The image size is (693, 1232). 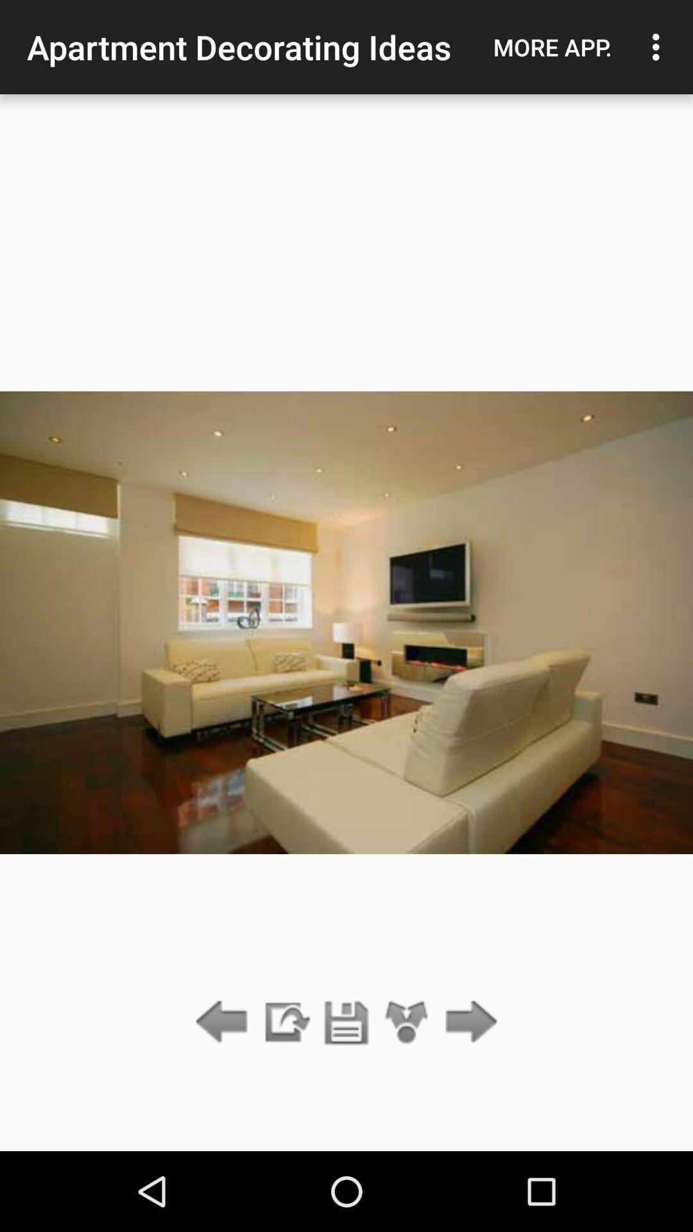 I want to click on the save icon, so click(x=346, y=1022).